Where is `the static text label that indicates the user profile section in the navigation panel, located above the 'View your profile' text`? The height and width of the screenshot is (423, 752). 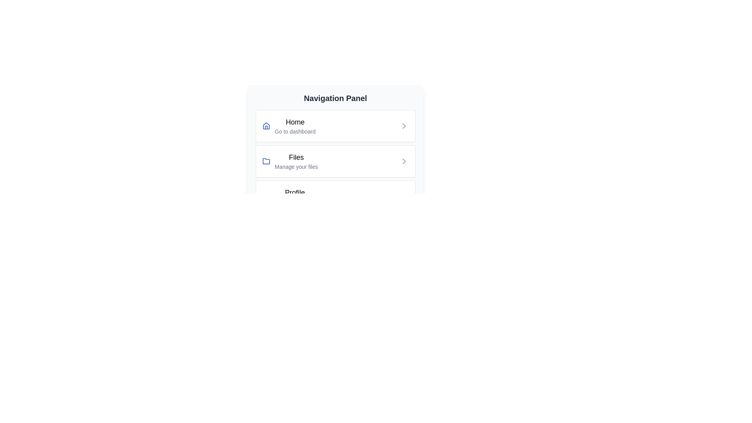
the static text label that indicates the user profile section in the navigation panel, located above the 'View your profile' text is located at coordinates (295, 193).